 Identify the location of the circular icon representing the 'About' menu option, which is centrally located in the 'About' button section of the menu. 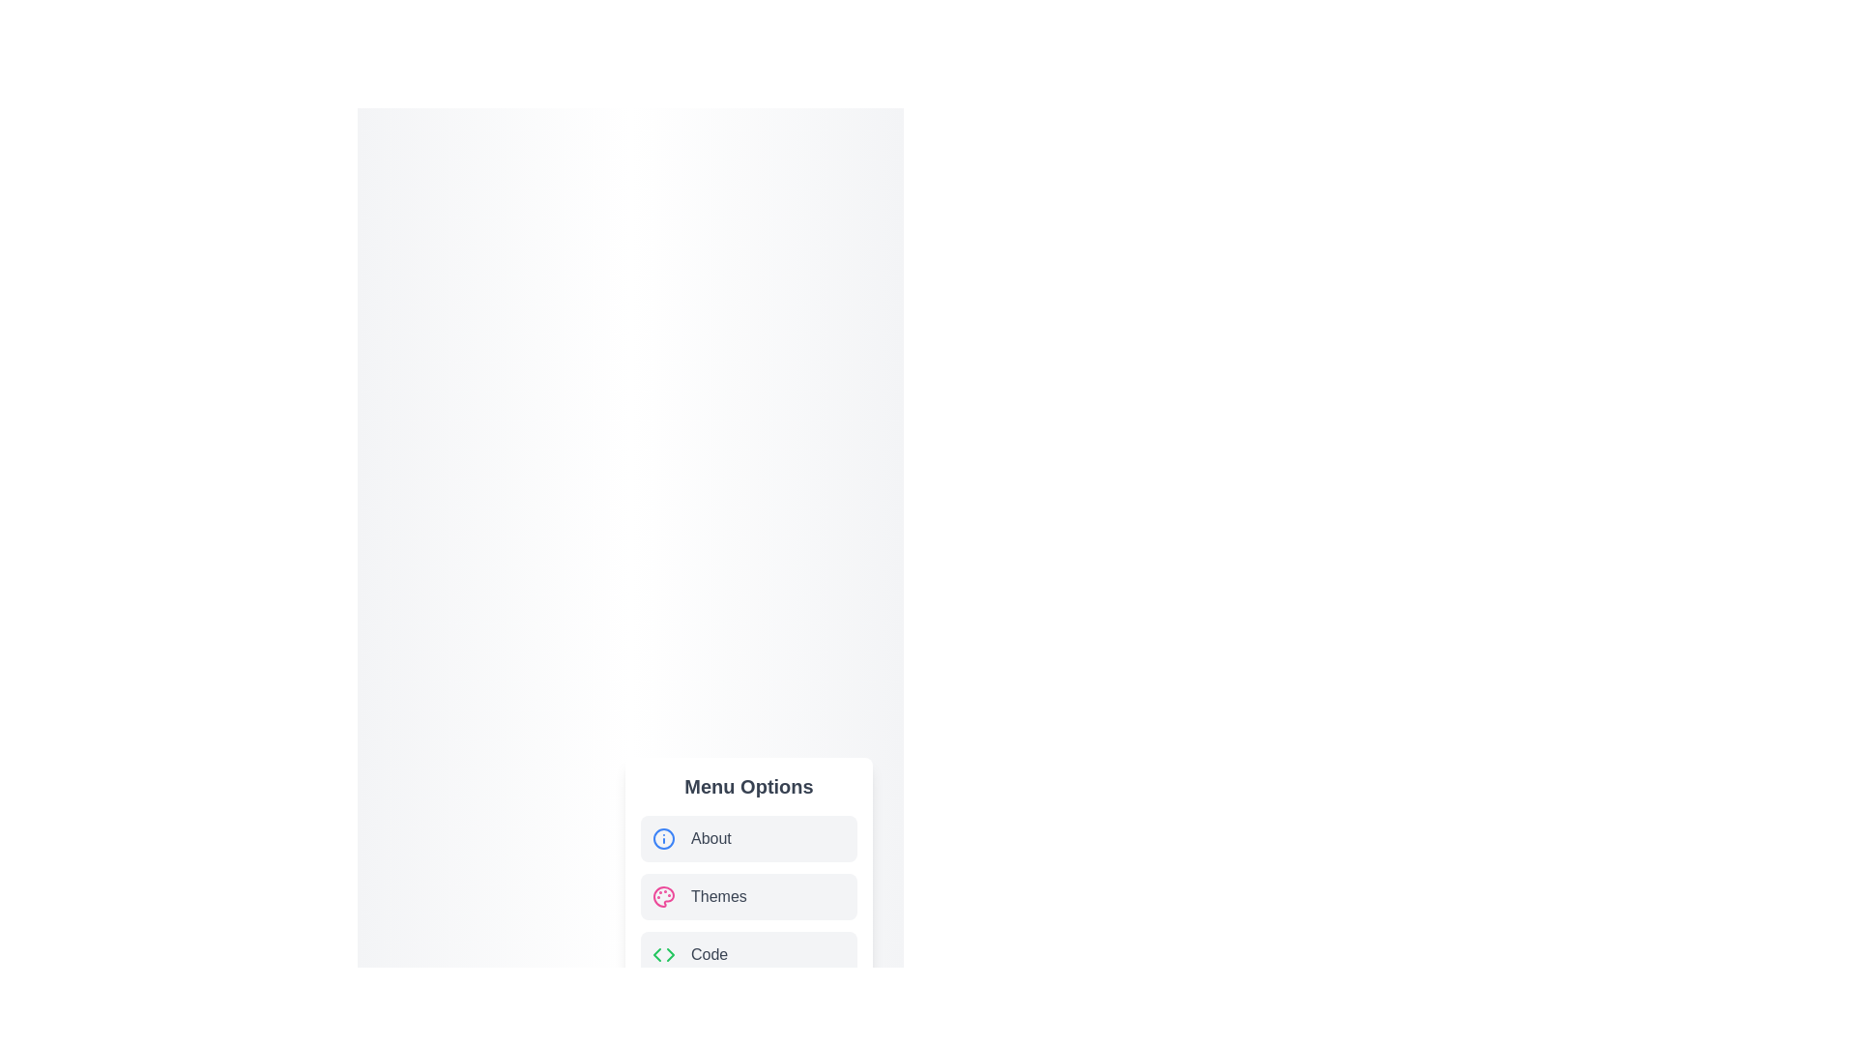
(663, 837).